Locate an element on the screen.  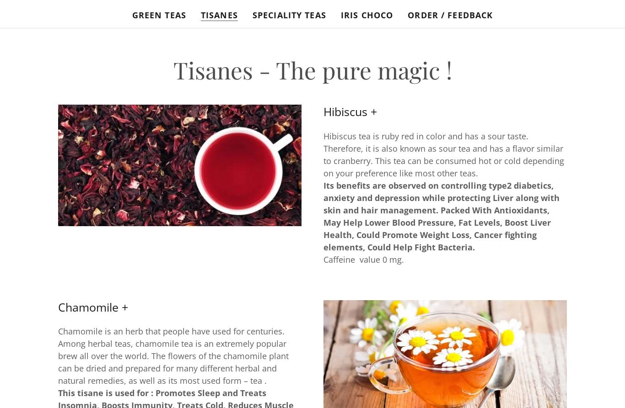
'Its benefits are observed on controlling type2 diabetics, anxiety and depression while protecting Liver along with skin and hair management. Packed With Antioxidants, May Help Lower Blood Pressure, Fat Levels, Boost Liver Health, Could Promote Weight Loss, Cancer fighting elements, Could Help Fight Bacteria.' is located at coordinates (441, 215).